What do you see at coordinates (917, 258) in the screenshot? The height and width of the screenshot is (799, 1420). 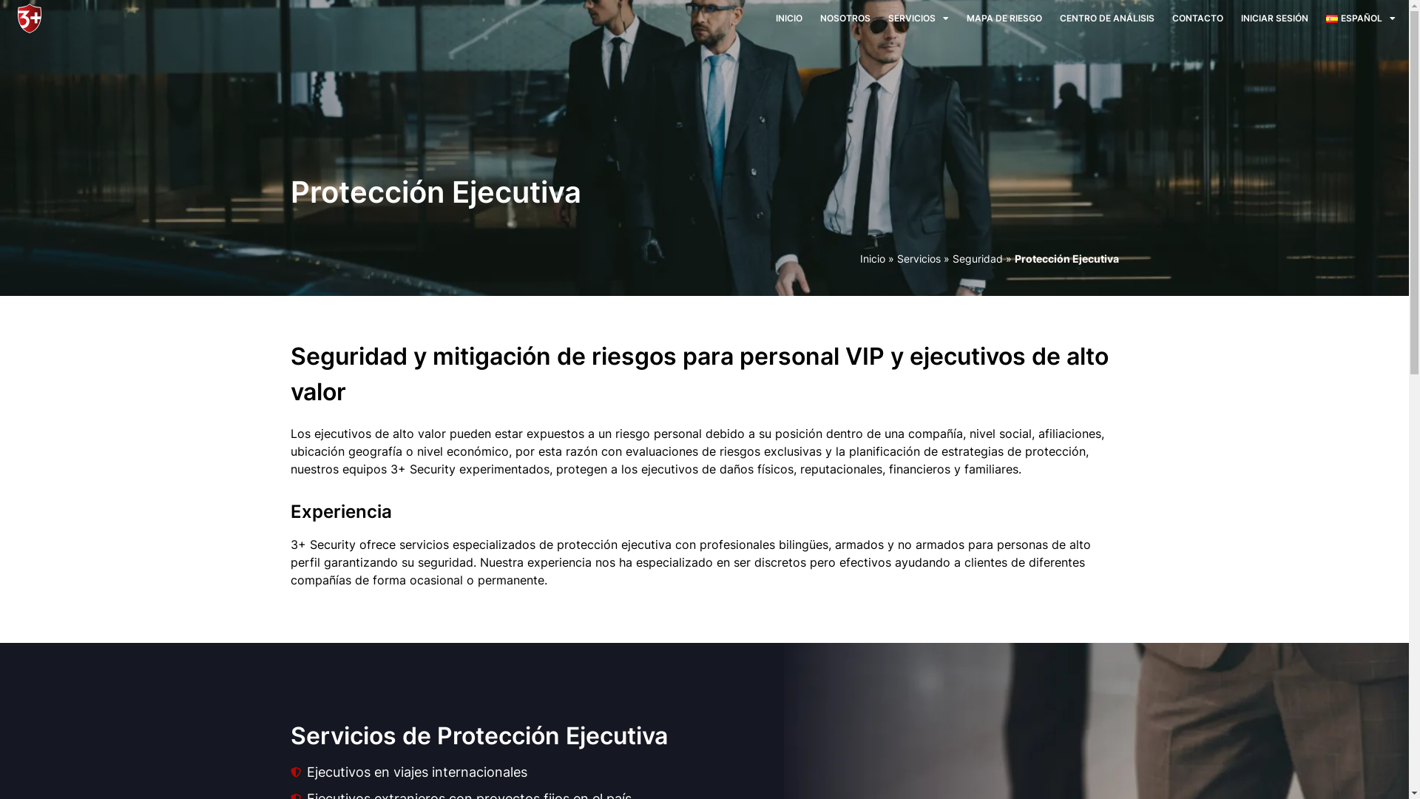 I see `'Servicios'` at bounding box center [917, 258].